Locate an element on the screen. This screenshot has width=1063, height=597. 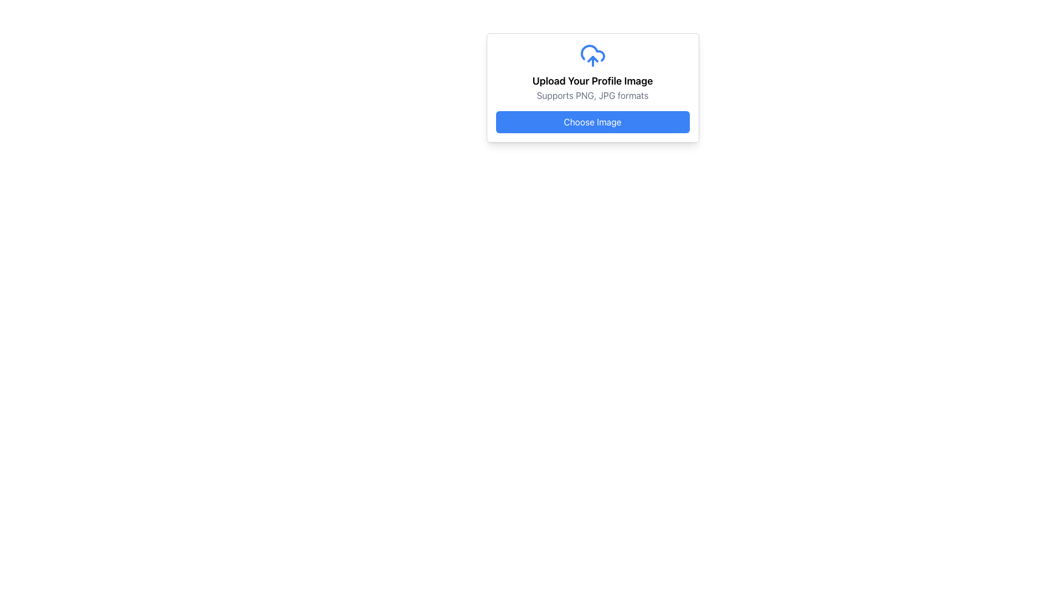
the Text Label that describes the supported file formats for upload, located directly below the 'Upload Your Profile Image' heading and centered horizontally is located at coordinates (592, 95).